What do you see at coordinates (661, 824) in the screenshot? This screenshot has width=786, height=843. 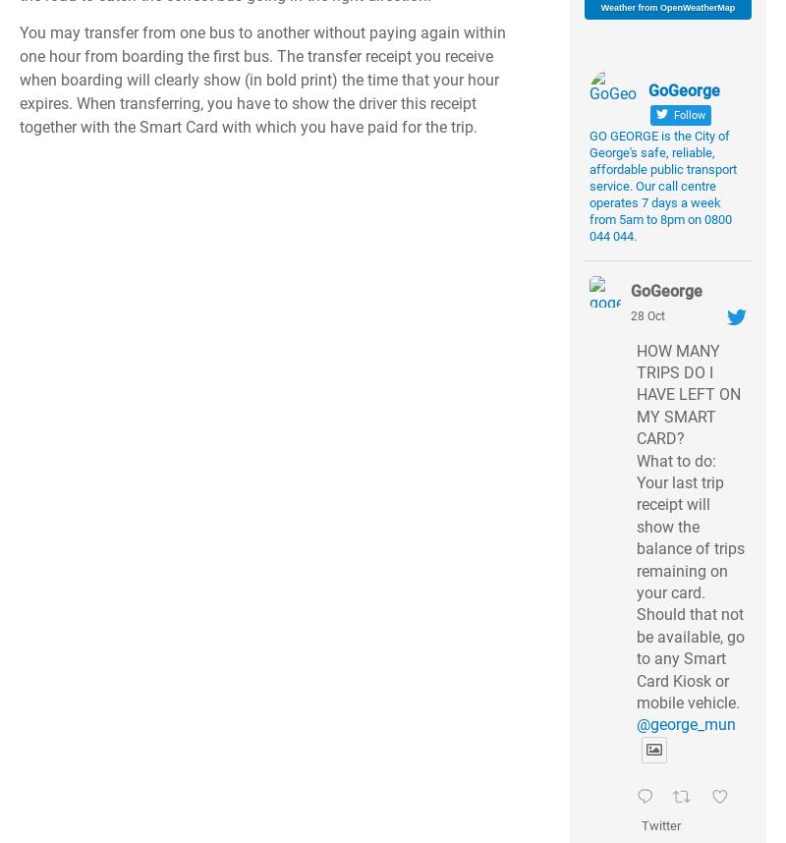 I see `'Twitter'` at bounding box center [661, 824].